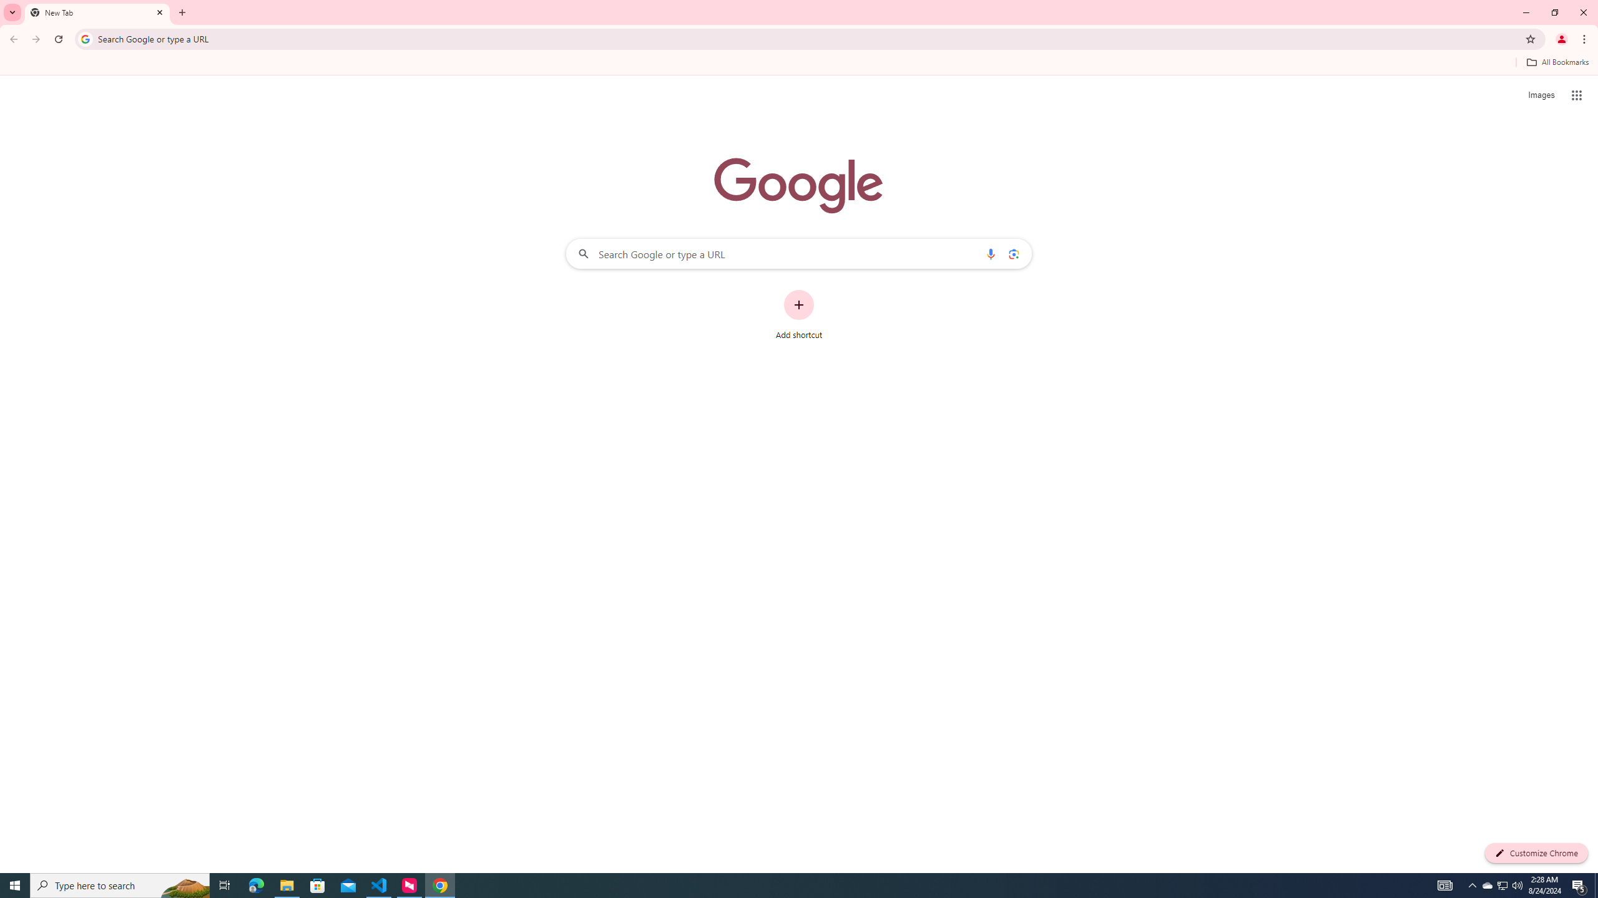  I want to click on 'Customize Chrome', so click(1536, 852).